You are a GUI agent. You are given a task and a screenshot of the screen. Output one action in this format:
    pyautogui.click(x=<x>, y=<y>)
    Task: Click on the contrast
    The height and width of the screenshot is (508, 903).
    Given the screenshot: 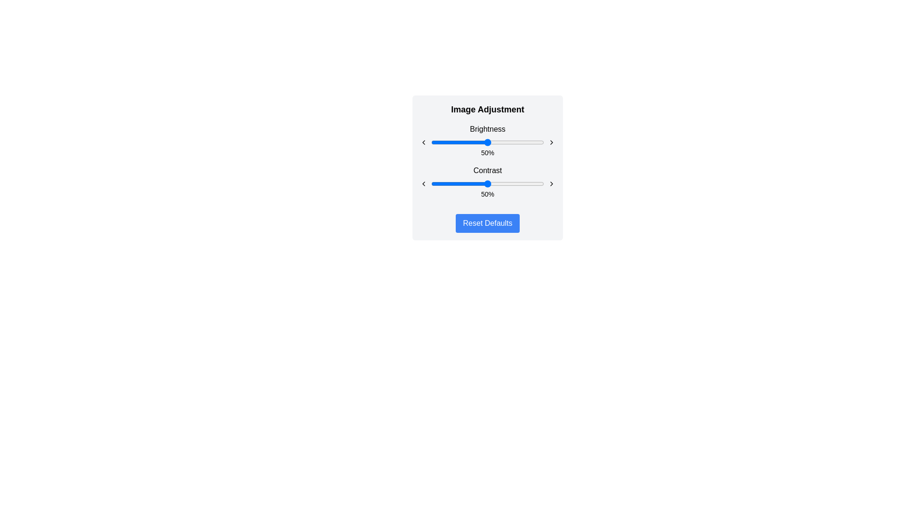 What is the action you would take?
    pyautogui.click(x=537, y=183)
    